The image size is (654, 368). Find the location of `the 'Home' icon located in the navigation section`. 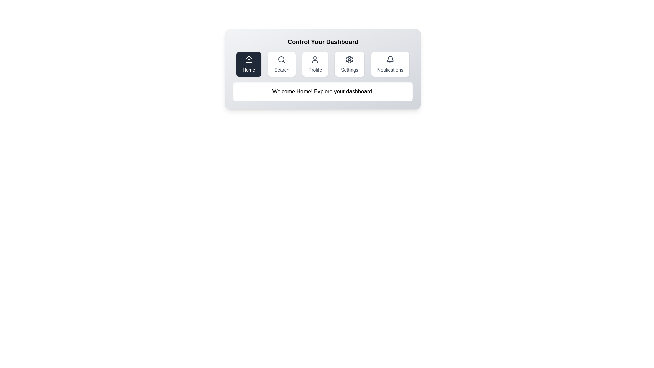

the 'Home' icon located in the navigation section is located at coordinates (248, 59).